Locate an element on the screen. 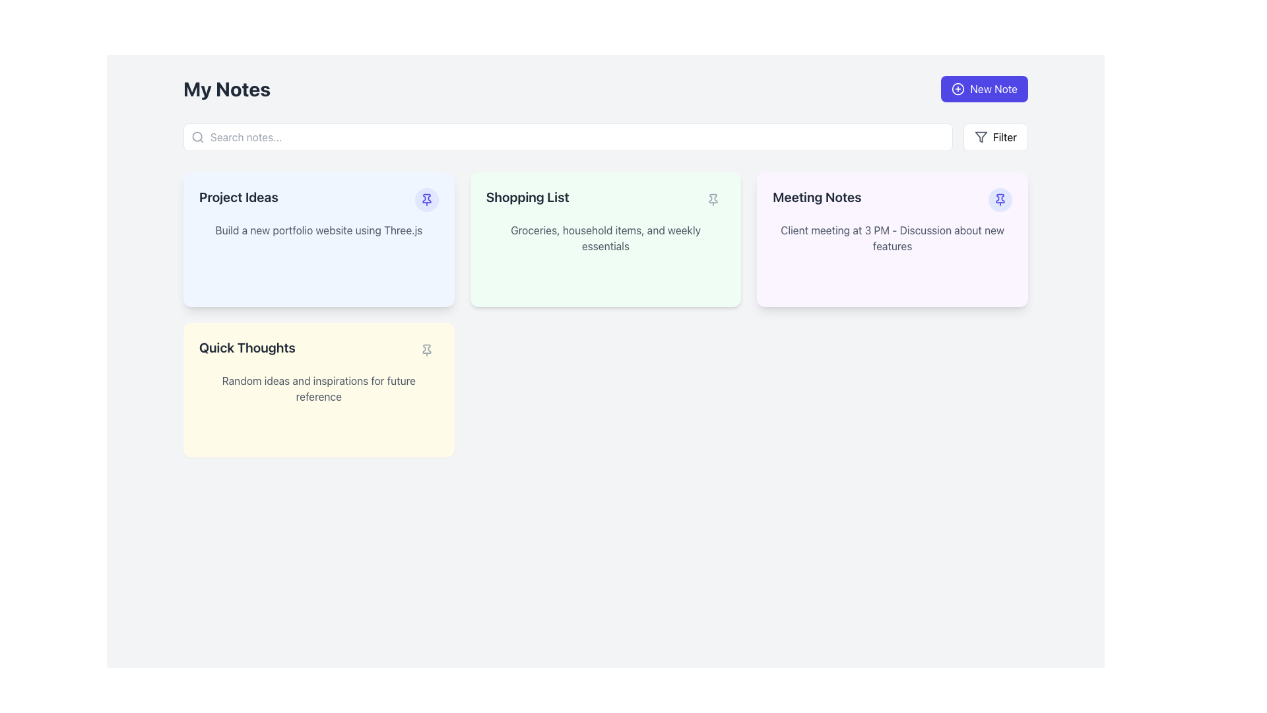  the decorative graphical circle element centered within the larger circular icon located at the far top-right of the interface next to the 'New Note' button is located at coordinates (958, 89).